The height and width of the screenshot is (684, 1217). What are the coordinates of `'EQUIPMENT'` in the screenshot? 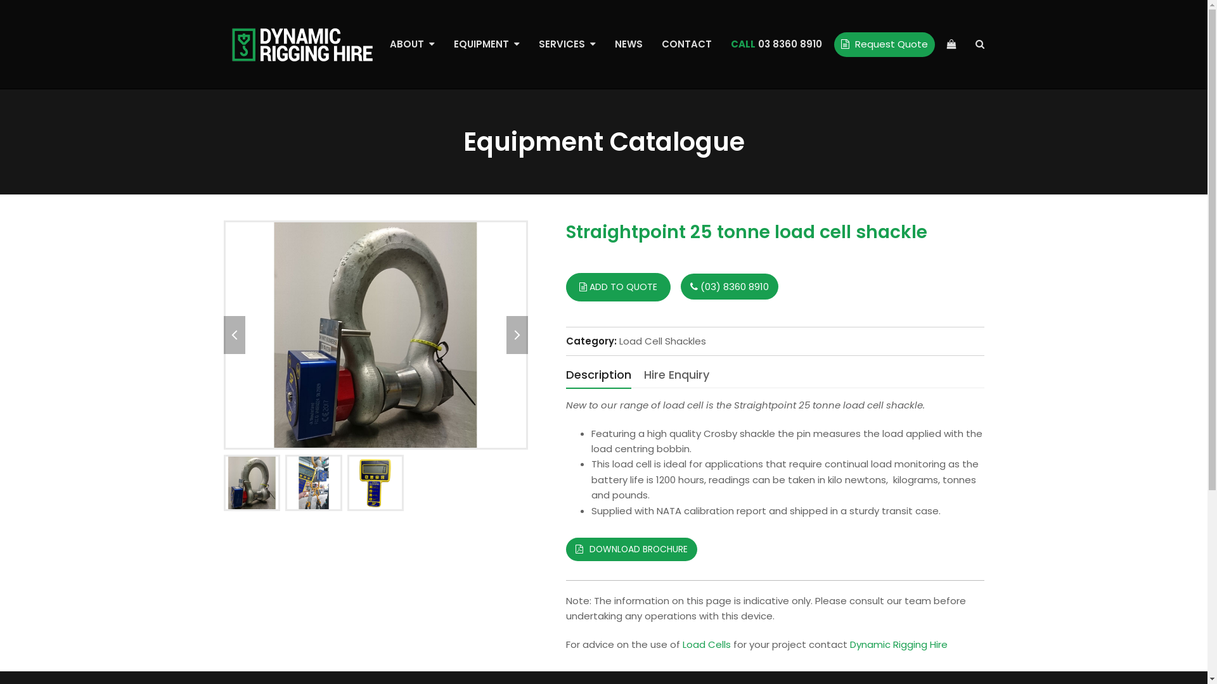 It's located at (444, 43).